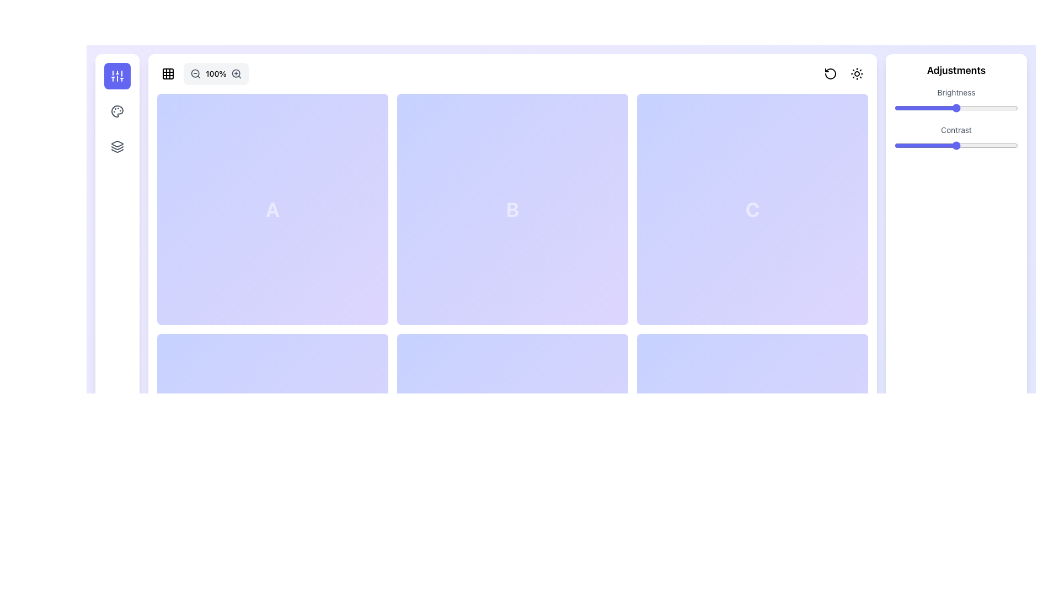 The height and width of the screenshot is (596, 1059). I want to click on the SVG Circle that represents the body of the zoom-out icon, located at the top-center of the view, near the 100% zoom level display and adjacent tools, so click(195, 73).